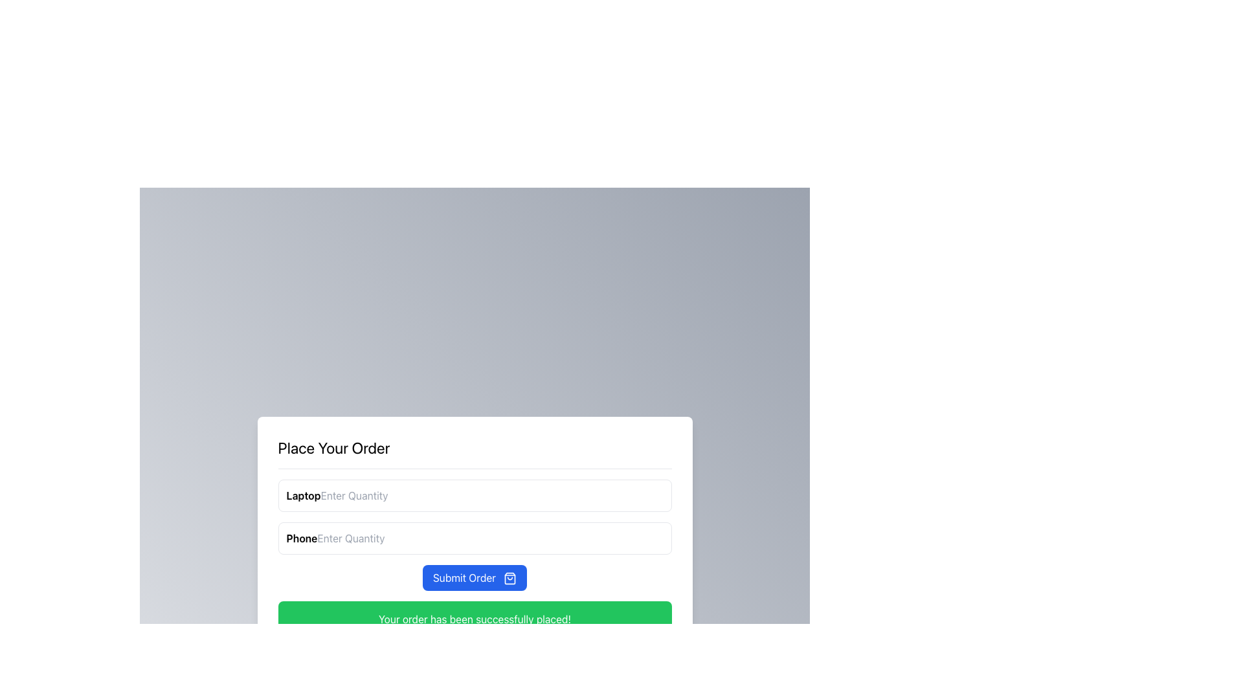 The width and height of the screenshot is (1243, 699). What do you see at coordinates (474, 618) in the screenshot?
I see `success message from the text label located in the green notification box at the bottom of the content area, which confirms that the order has been placed successfully` at bounding box center [474, 618].